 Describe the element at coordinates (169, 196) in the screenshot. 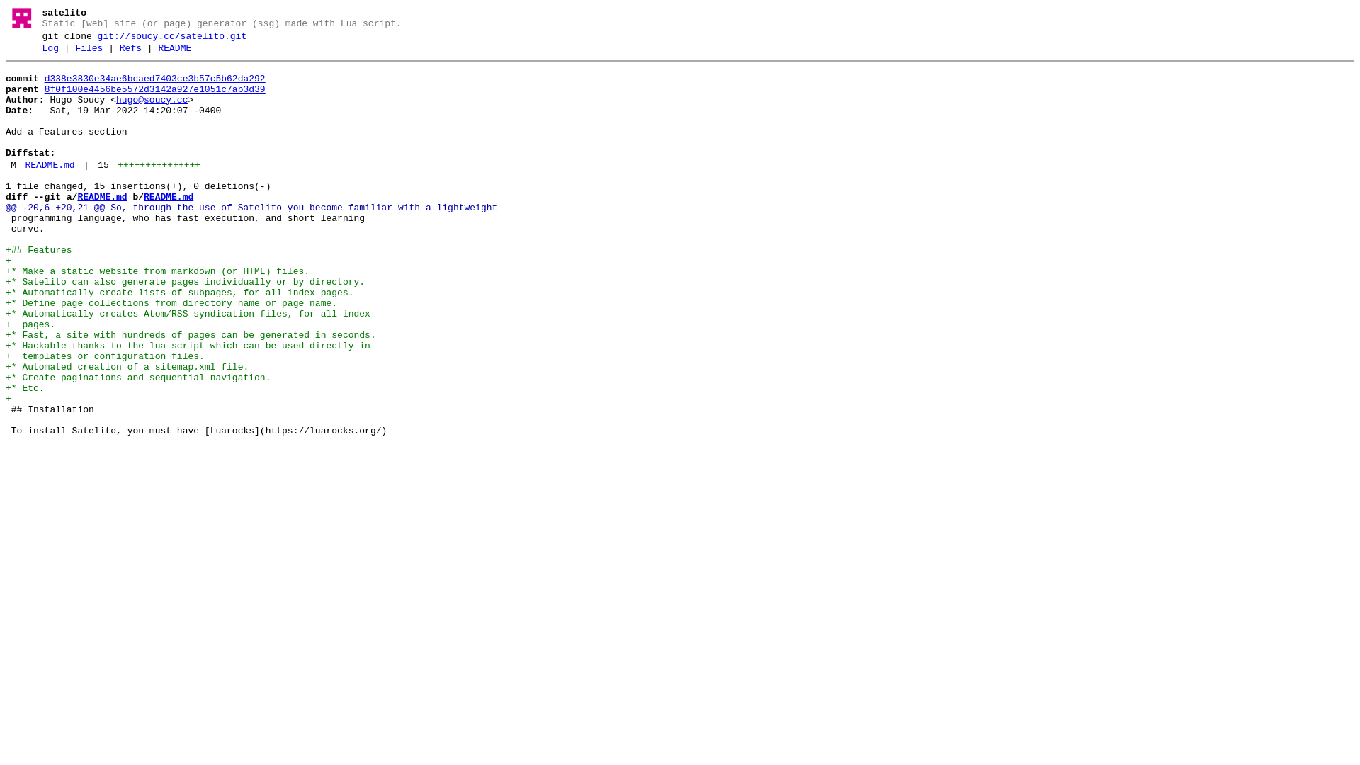

I see `'README.md'` at that location.